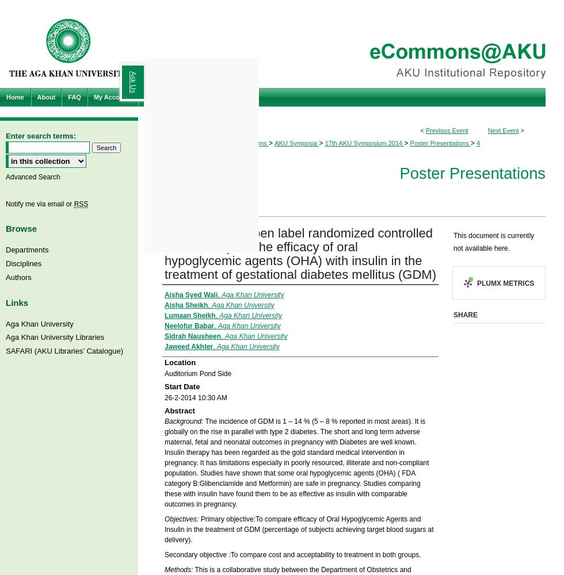 This screenshot has width=564, height=575. What do you see at coordinates (493, 241) in the screenshot?
I see `'This document is currently not available here.'` at bounding box center [493, 241].